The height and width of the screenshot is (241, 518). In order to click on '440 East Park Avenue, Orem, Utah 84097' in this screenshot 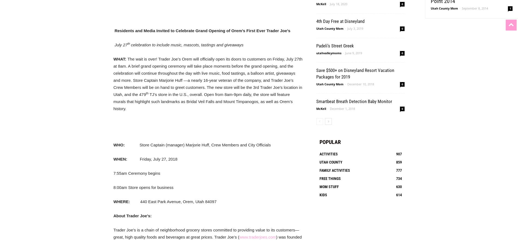, I will do `click(178, 201)`.